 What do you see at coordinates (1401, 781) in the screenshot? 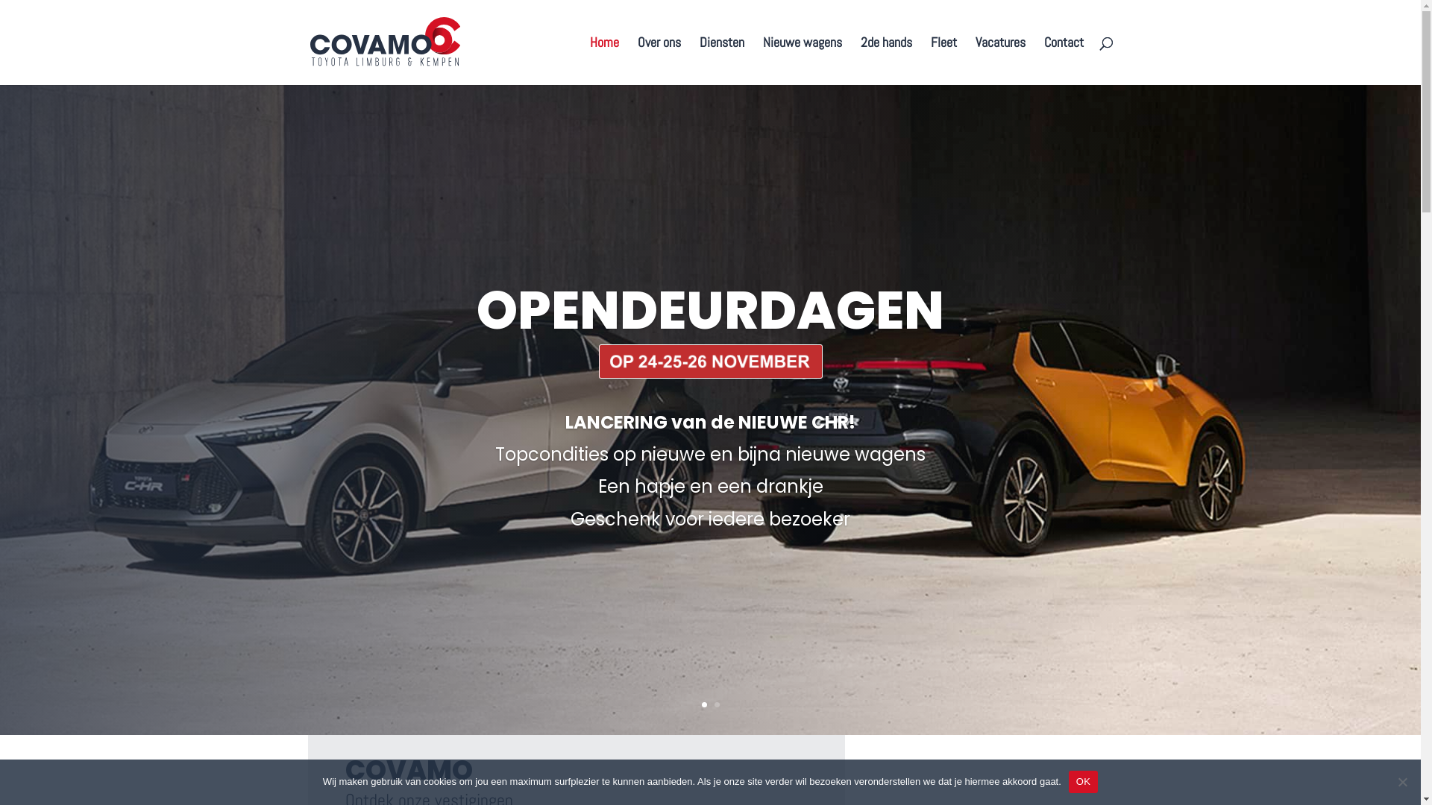
I see `'No'` at bounding box center [1401, 781].